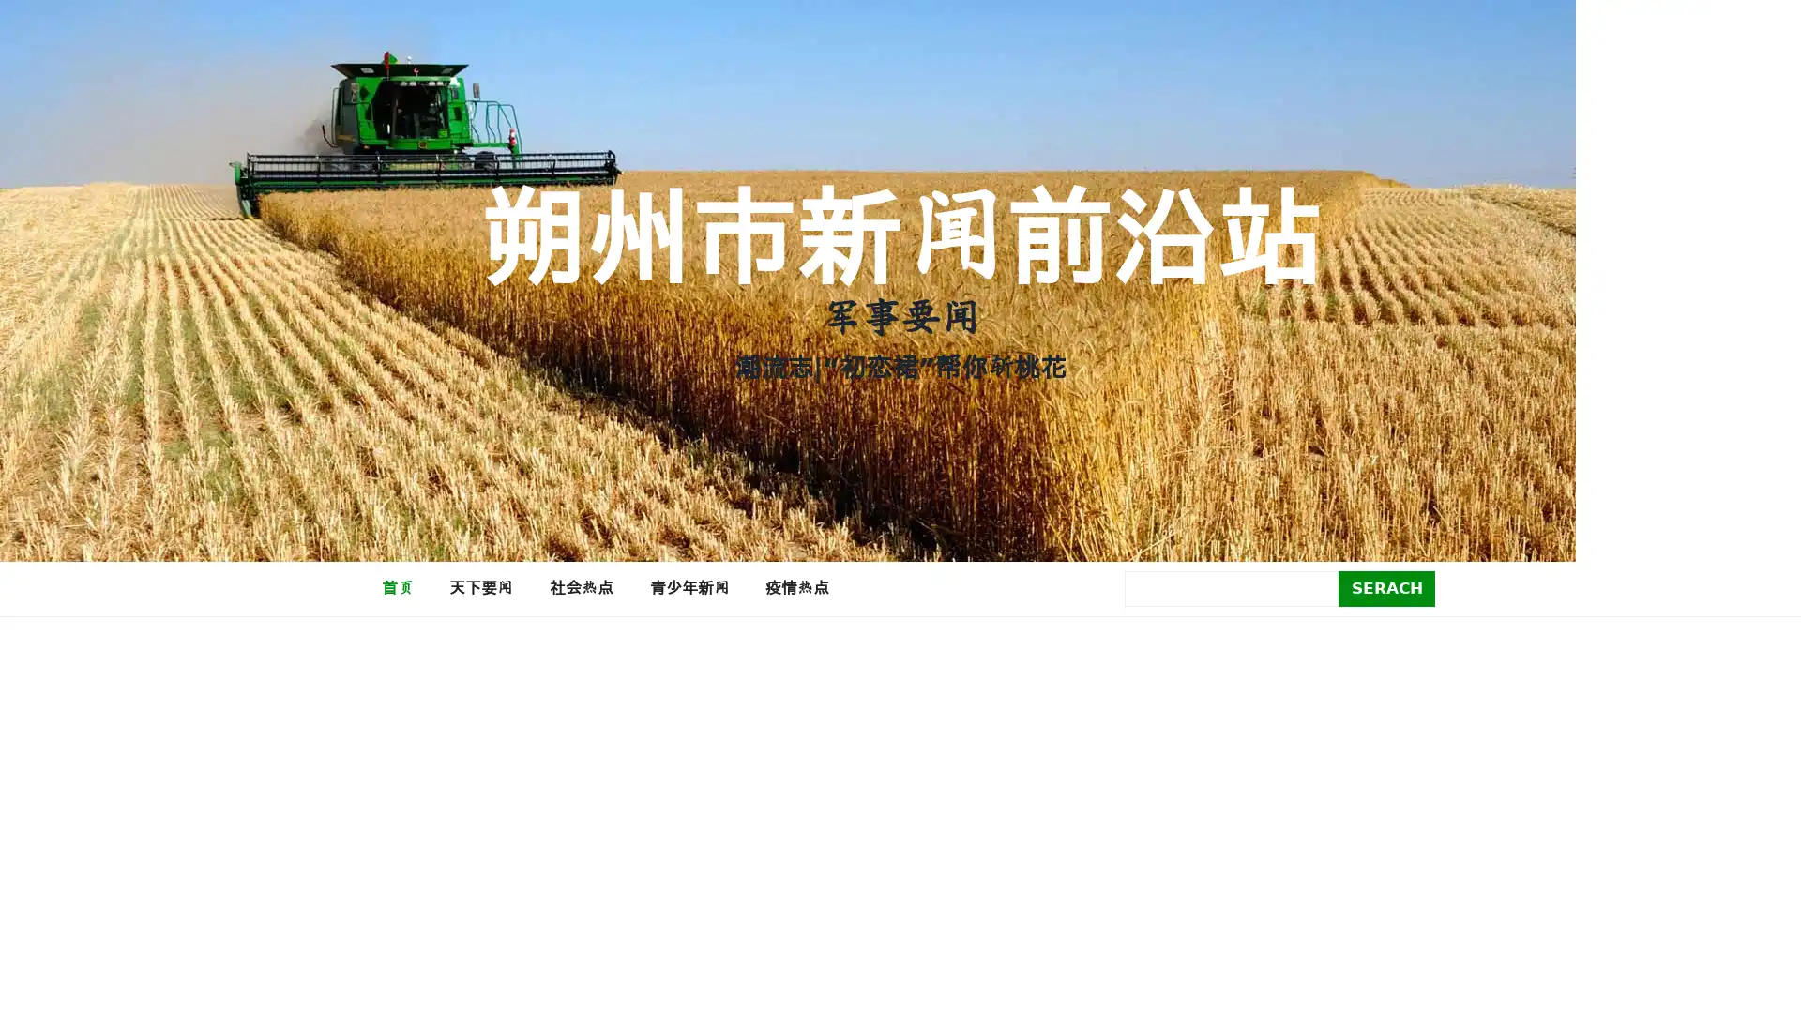 This screenshot has height=1013, width=1801. Describe the element at coordinates (1386, 587) in the screenshot. I see `serach` at that location.